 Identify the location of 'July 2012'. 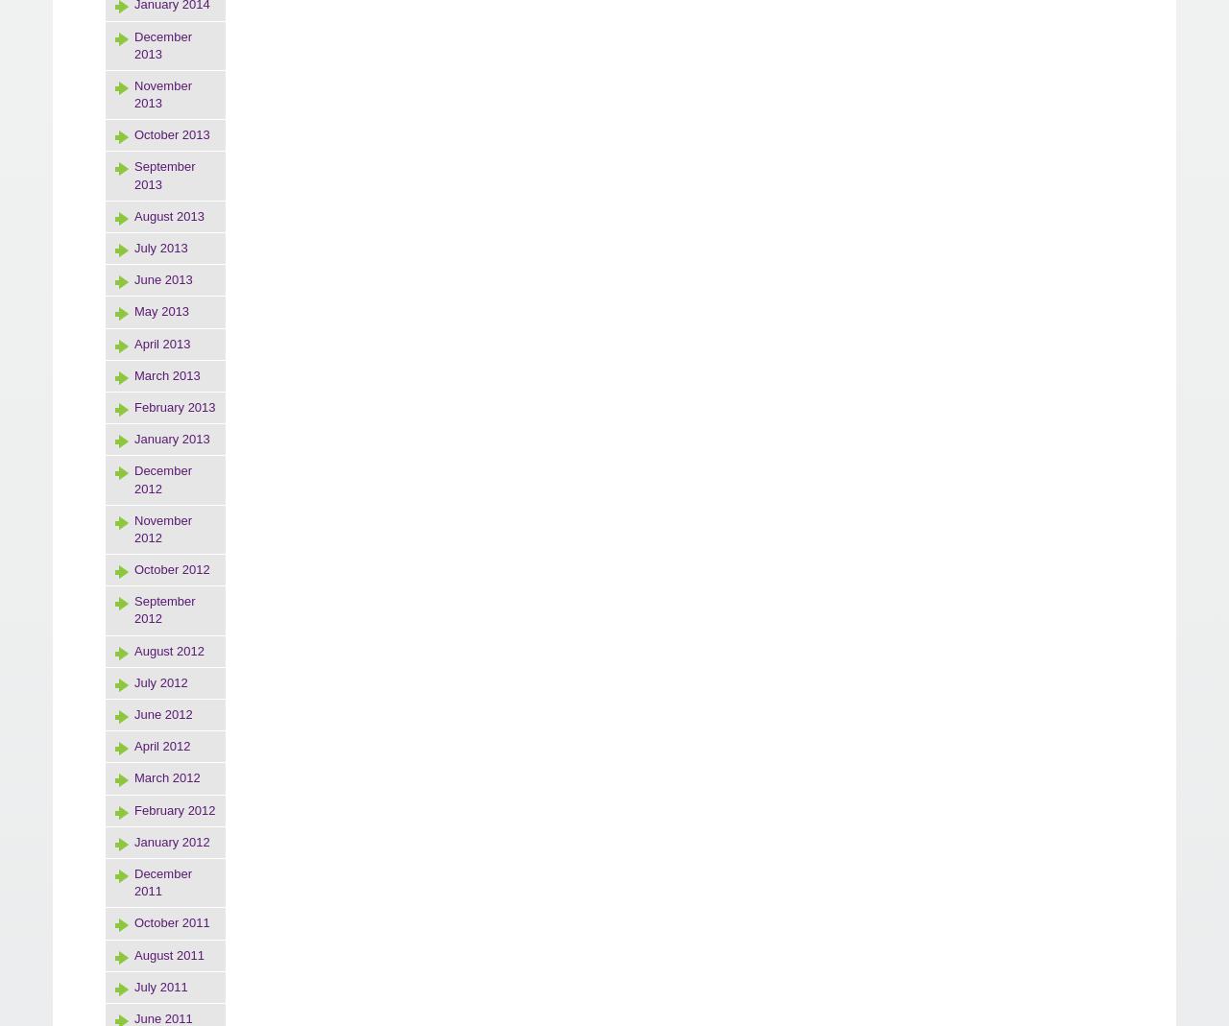
(160, 680).